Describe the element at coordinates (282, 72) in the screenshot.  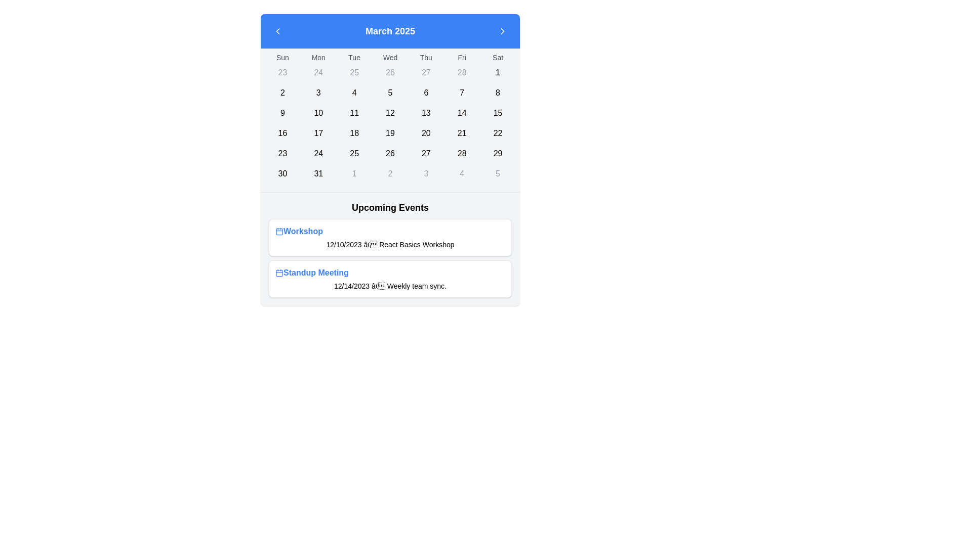
I see `the circular date button labeled '23' in the calendar's first column (Sunday) of the second row to trigger a visual response` at that location.